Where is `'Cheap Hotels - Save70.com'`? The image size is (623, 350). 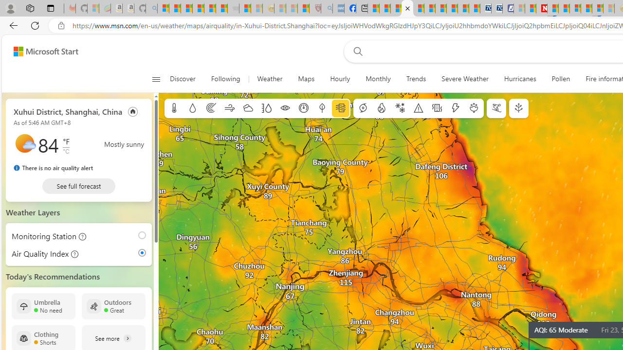
'Cheap Hotels - Save70.com' is located at coordinates (496, 8).